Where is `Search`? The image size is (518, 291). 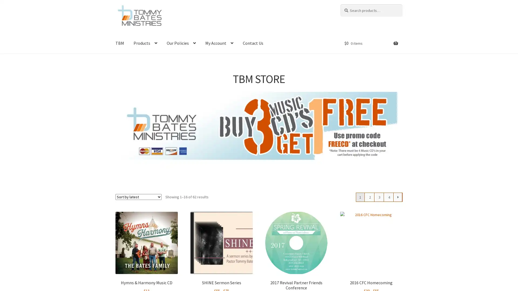
Search is located at coordinates (339, 4).